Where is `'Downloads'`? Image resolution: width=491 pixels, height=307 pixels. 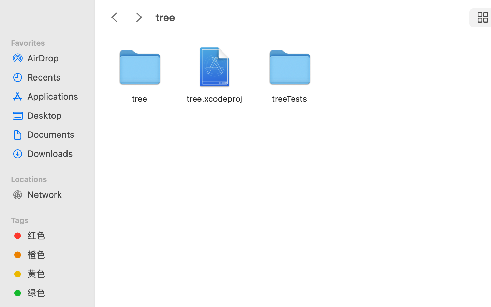 'Downloads' is located at coordinates (54, 153).